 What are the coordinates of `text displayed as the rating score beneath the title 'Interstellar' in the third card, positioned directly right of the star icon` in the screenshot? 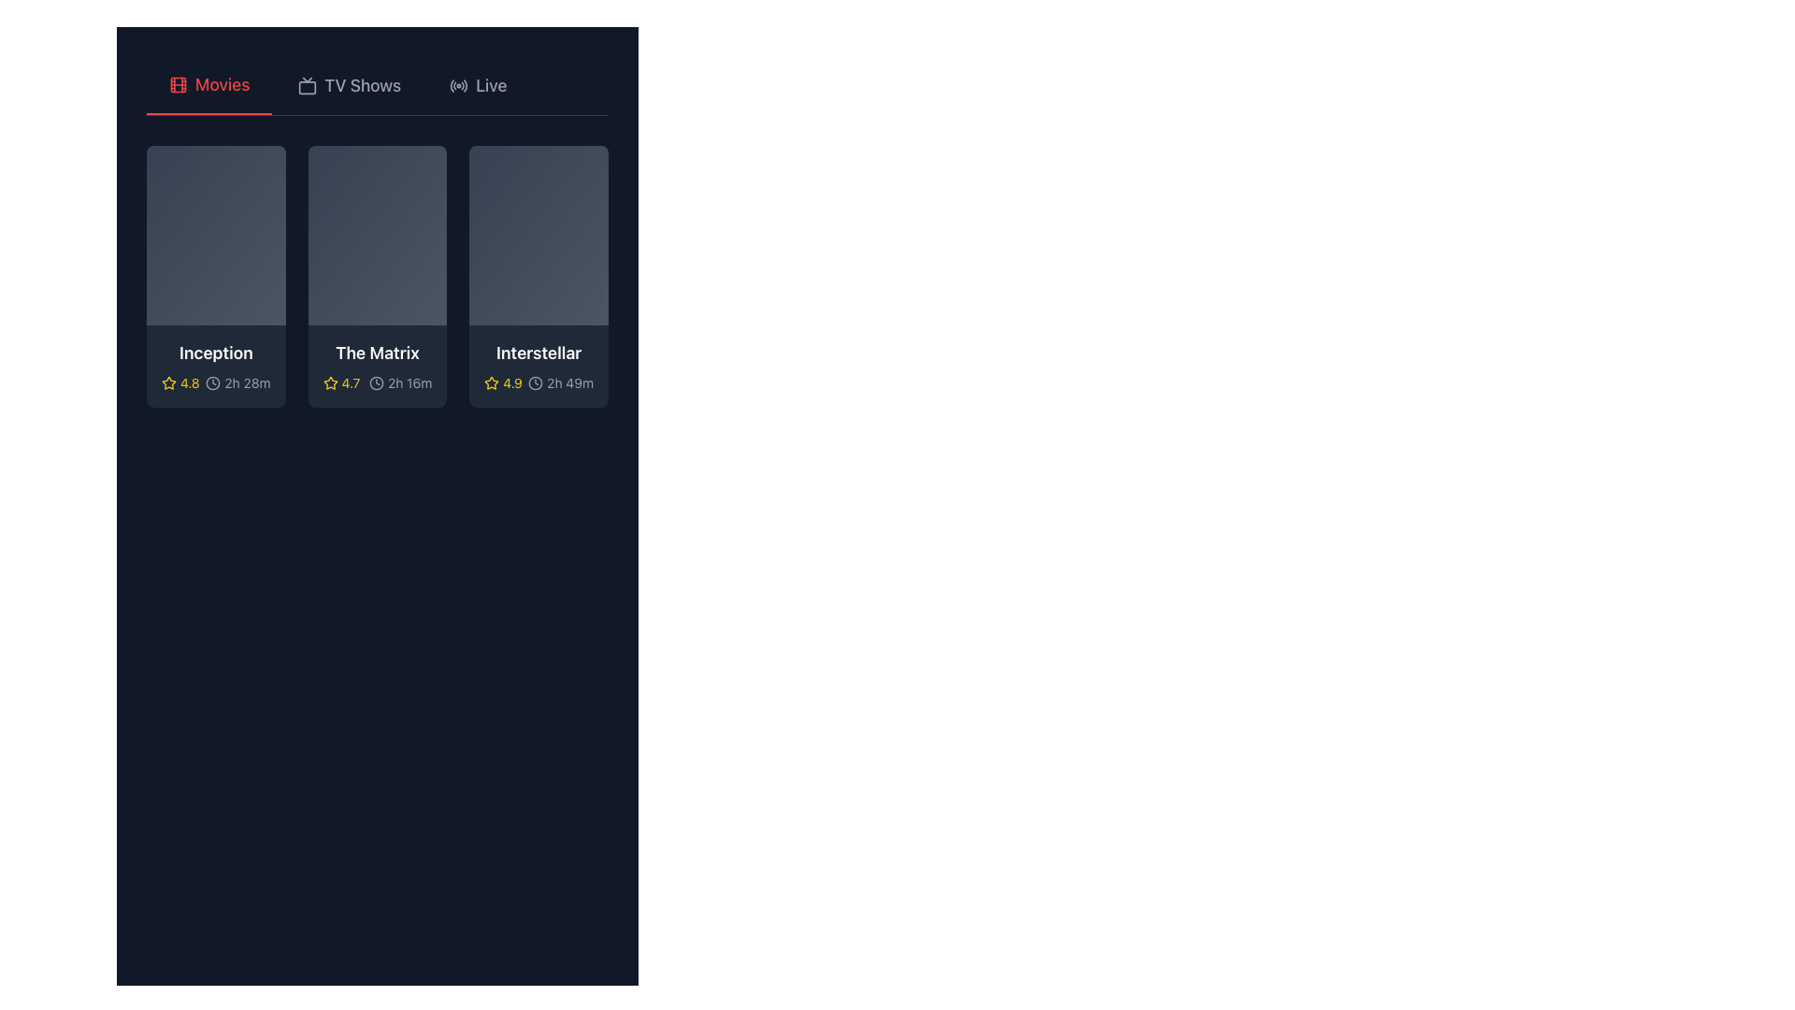 It's located at (512, 382).